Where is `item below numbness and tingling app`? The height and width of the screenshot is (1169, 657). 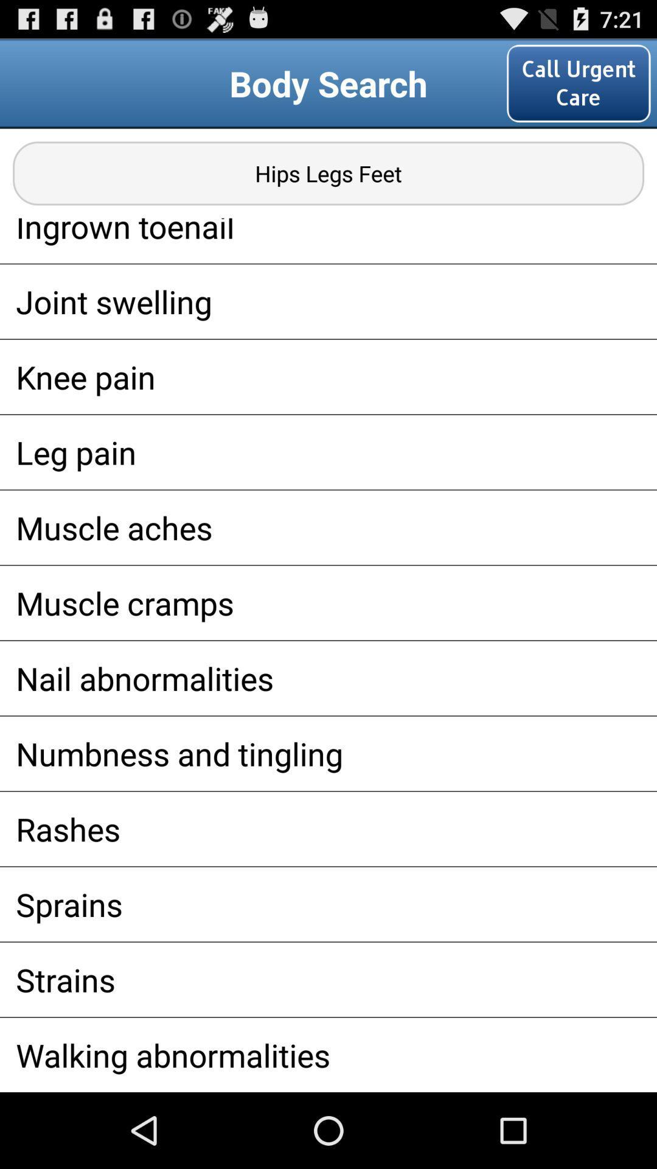 item below numbness and tingling app is located at coordinates (328, 828).